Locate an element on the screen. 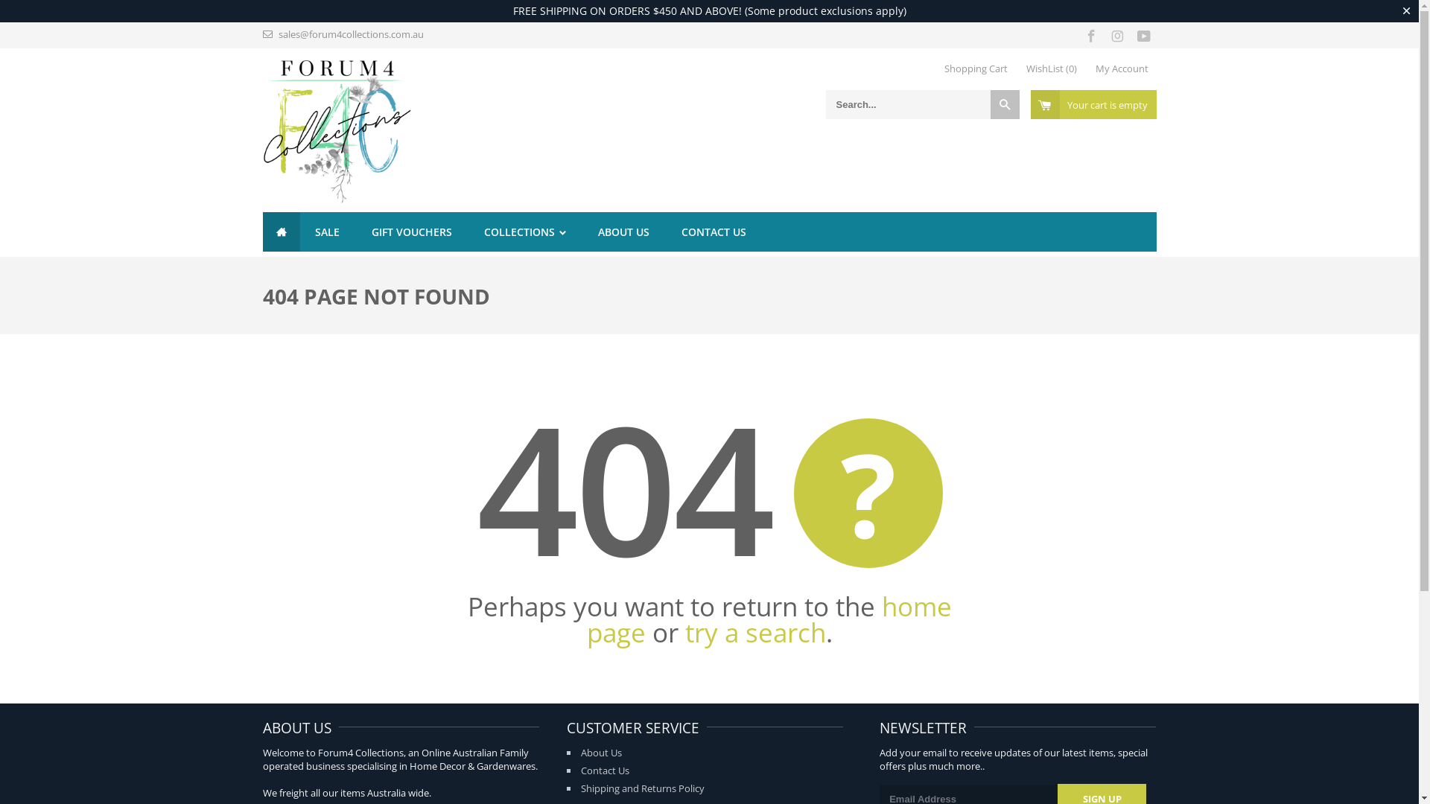  'ABOUT US' is located at coordinates (623, 232).